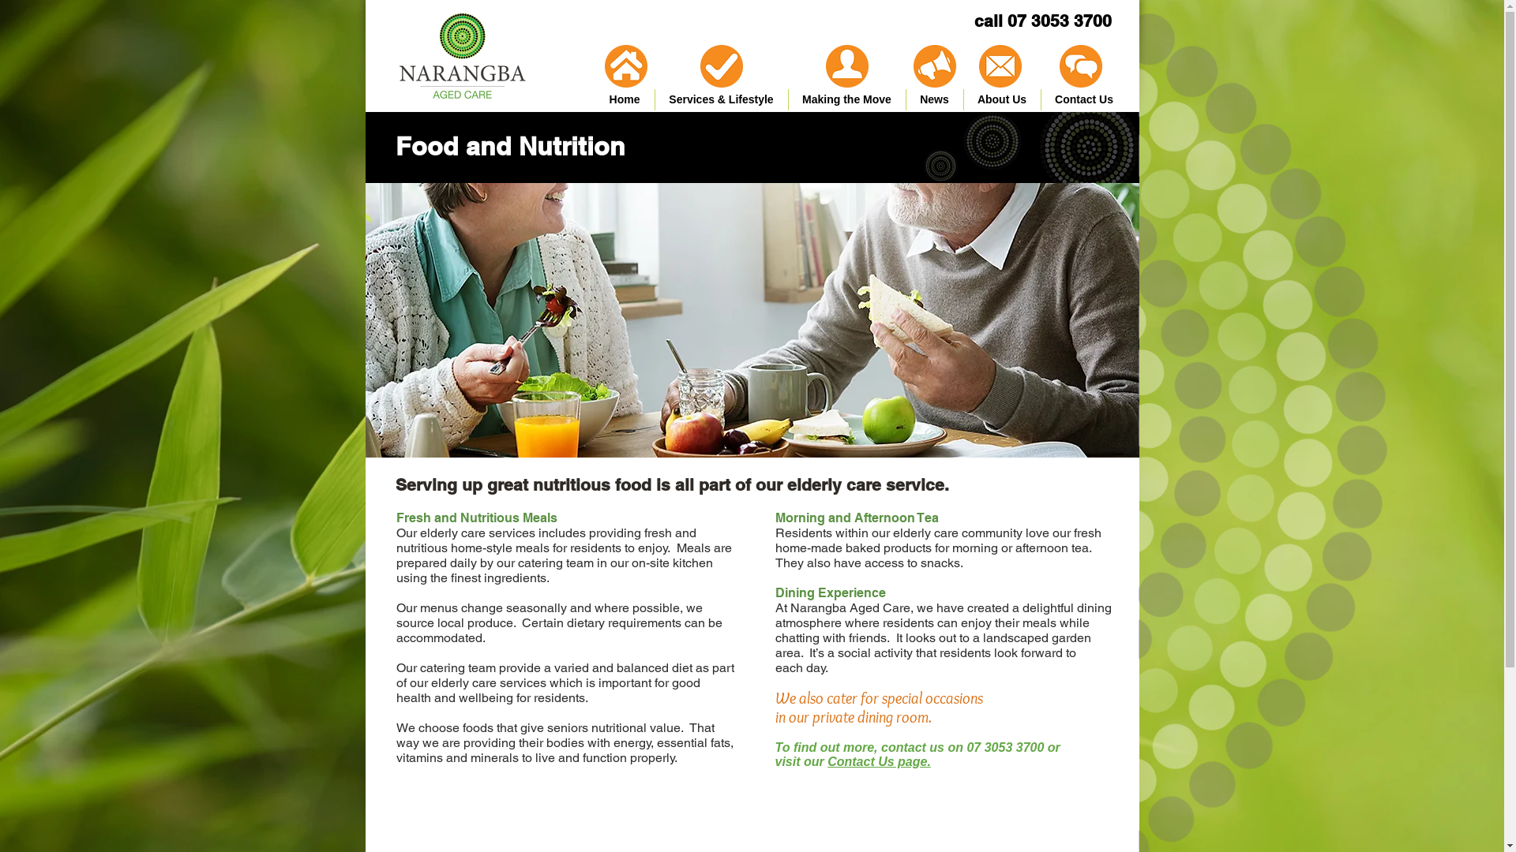 The height and width of the screenshot is (852, 1516). Describe the element at coordinates (826, 760) in the screenshot. I see `'Contact Us page.'` at that location.